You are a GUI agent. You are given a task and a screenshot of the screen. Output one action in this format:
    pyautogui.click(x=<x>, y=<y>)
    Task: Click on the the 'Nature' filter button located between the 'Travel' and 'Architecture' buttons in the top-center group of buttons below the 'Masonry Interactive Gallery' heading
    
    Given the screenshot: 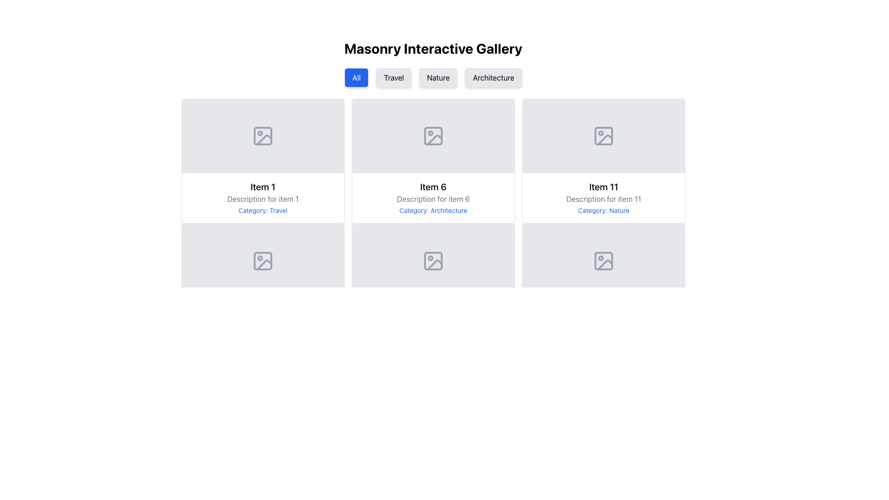 What is the action you would take?
    pyautogui.click(x=438, y=77)
    